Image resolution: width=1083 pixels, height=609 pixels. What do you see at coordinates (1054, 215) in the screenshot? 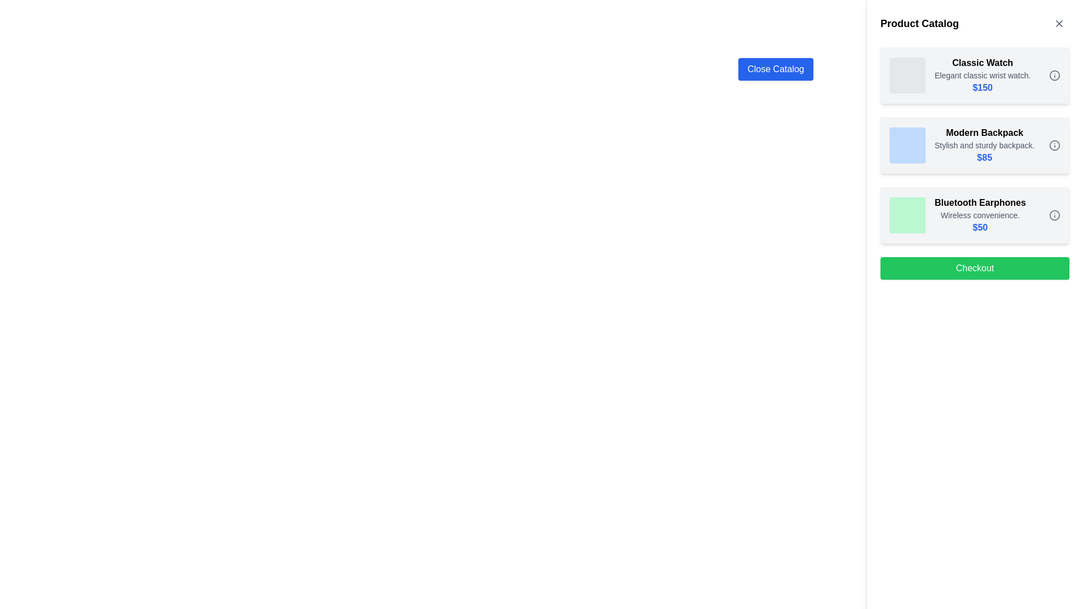
I see `the information icon located in the top-right corner of the 'Bluetooth Earphones' card` at bounding box center [1054, 215].